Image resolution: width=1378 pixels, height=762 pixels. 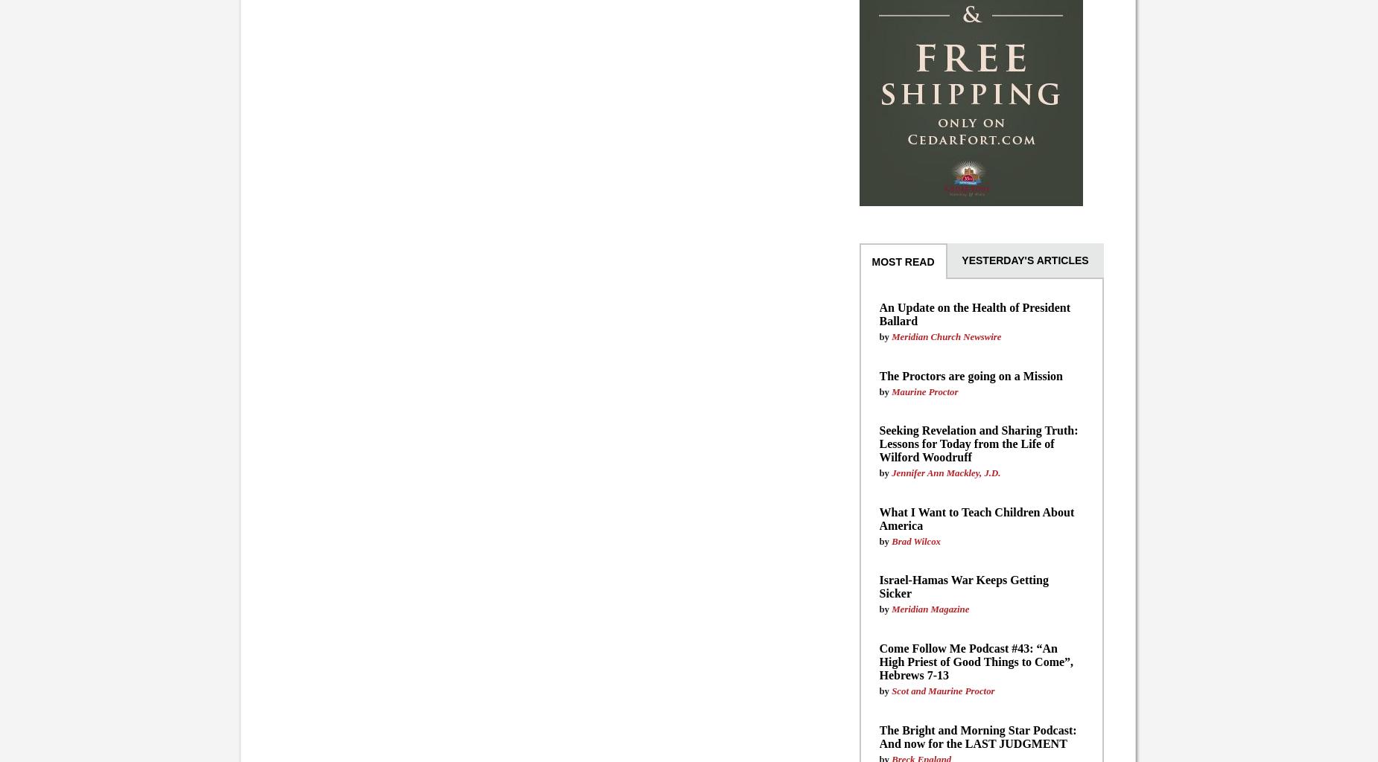 What do you see at coordinates (929, 608) in the screenshot?
I see `'Meridian Magazine'` at bounding box center [929, 608].